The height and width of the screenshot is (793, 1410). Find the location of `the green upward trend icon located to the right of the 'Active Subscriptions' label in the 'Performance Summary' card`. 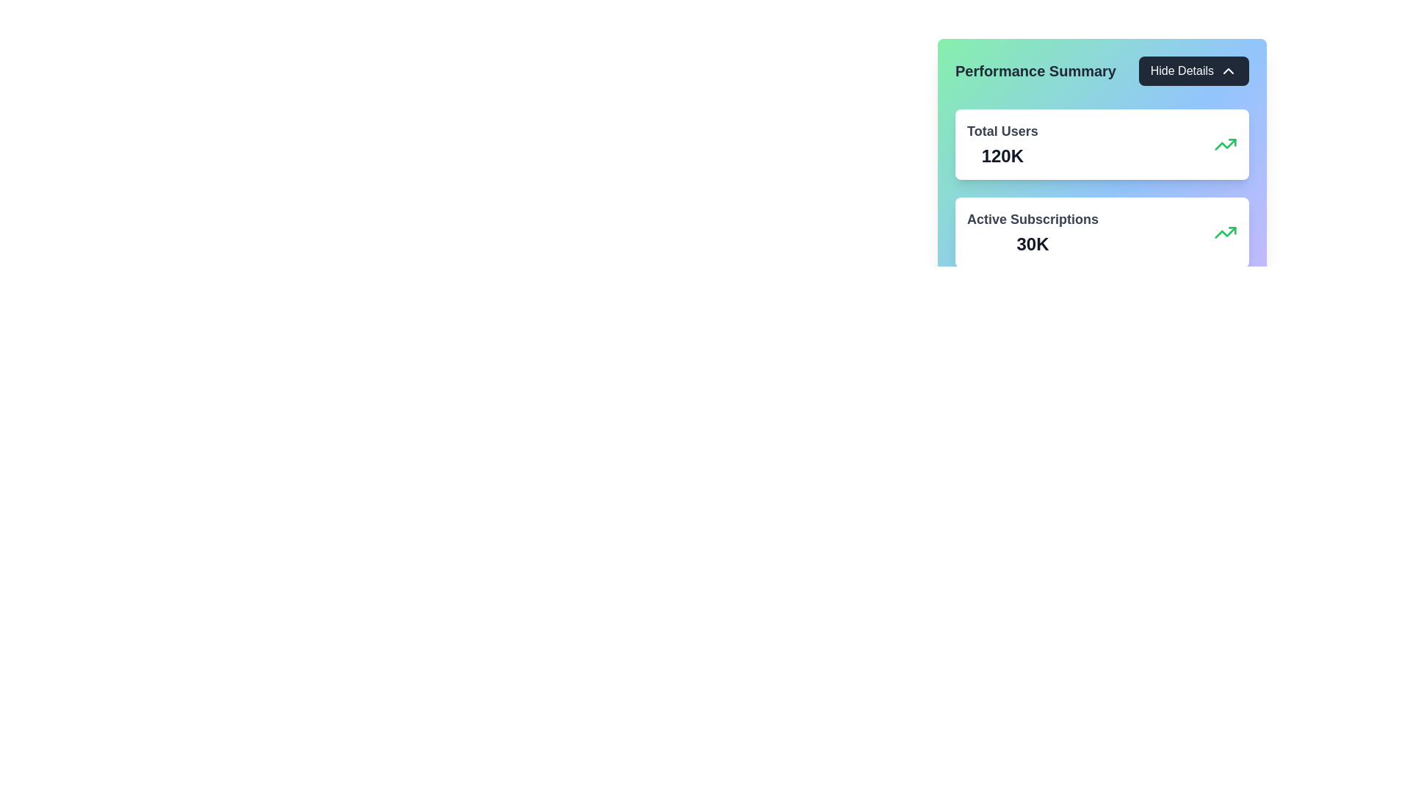

the green upward trend icon located to the right of the 'Active Subscriptions' label in the 'Performance Summary' card is located at coordinates (1226, 144).